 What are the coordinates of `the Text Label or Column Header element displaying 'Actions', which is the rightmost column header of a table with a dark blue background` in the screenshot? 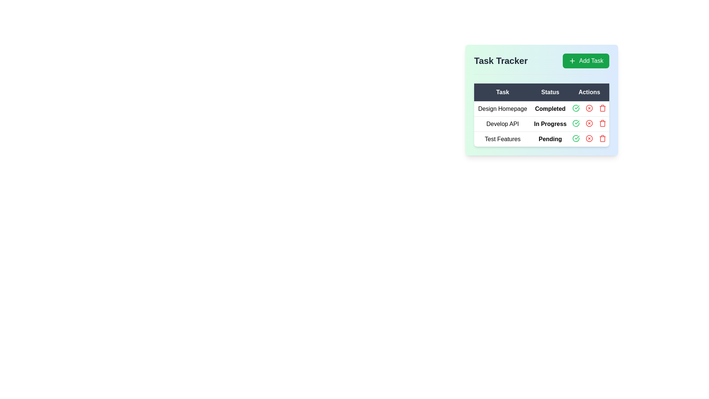 It's located at (589, 92).